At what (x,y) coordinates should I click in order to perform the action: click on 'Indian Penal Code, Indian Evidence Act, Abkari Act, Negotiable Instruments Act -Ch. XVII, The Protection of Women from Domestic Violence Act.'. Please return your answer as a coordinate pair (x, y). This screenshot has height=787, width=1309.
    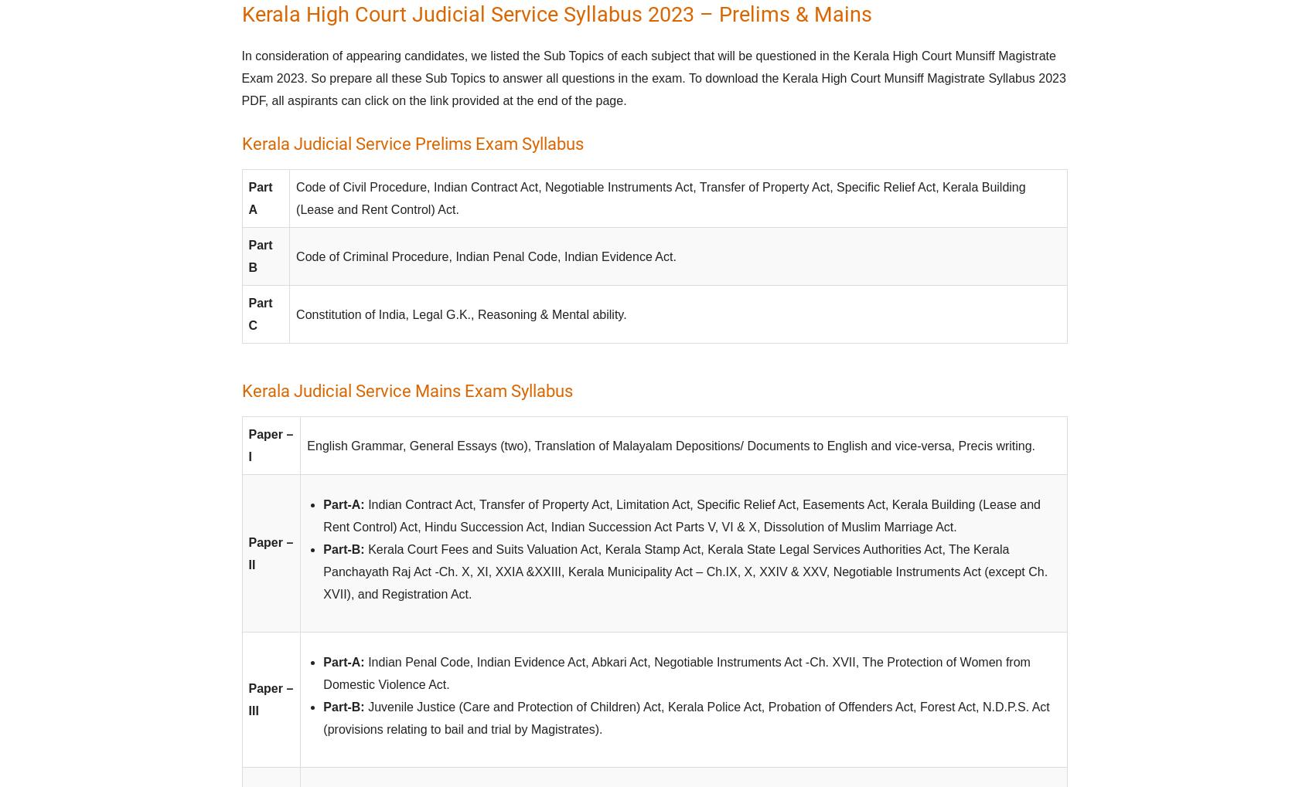
    Looking at the image, I should click on (676, 672).